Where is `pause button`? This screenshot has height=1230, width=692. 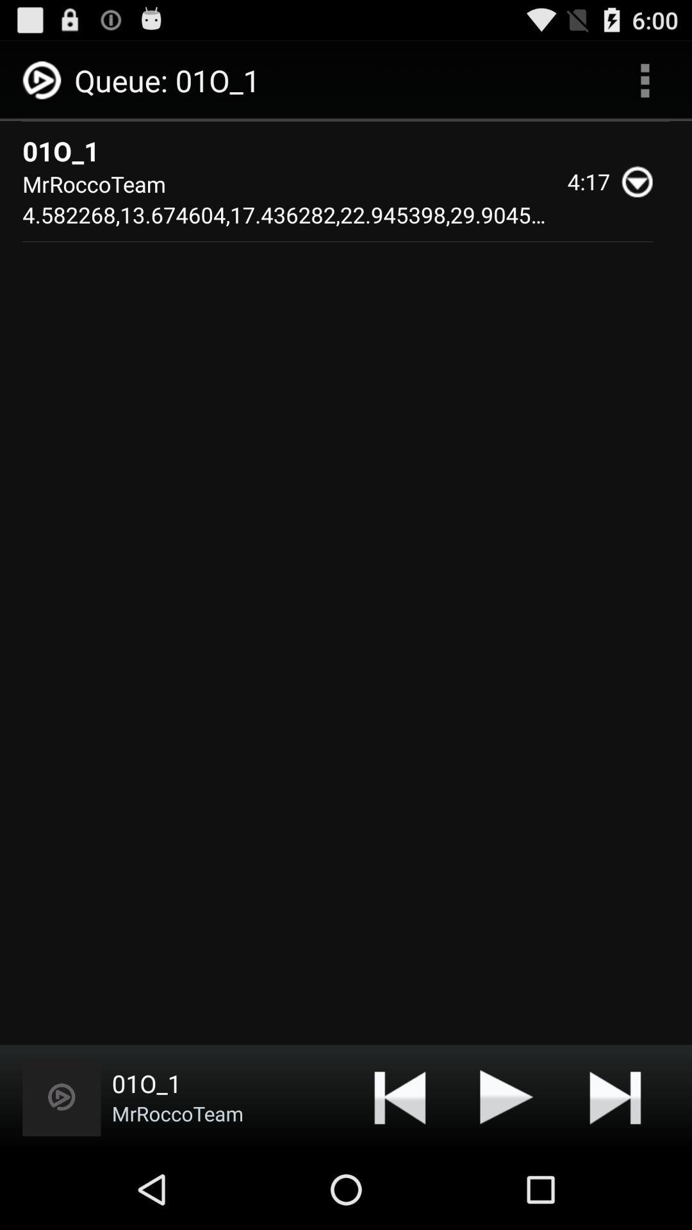 pause button is located at coordinates (506, 1096).